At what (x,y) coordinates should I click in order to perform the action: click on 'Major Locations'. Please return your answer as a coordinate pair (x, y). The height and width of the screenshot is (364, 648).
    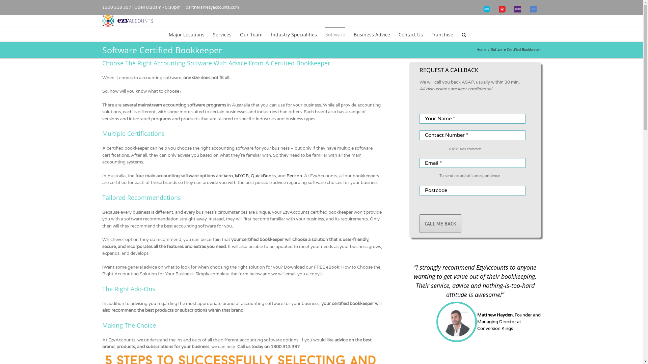
    Looking at the image, I should click on (186, 34).